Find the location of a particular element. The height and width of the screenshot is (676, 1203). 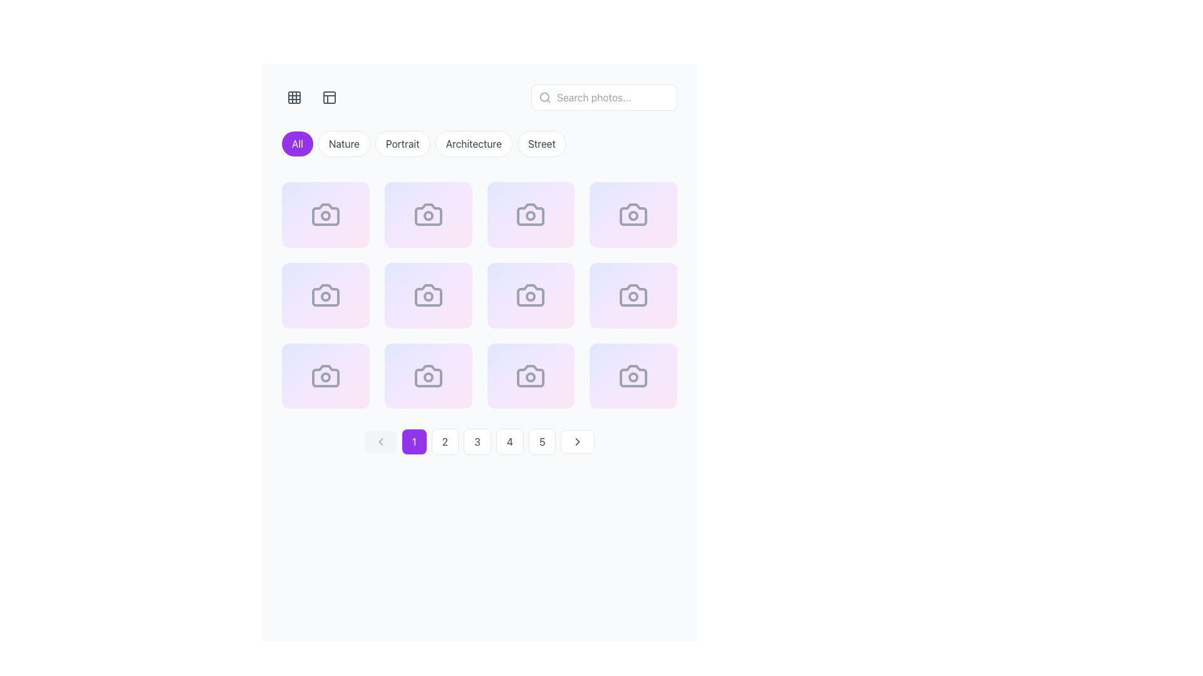

the left-arrow navigation control button located at the bottom of the display is located at coordinates (380, 441).